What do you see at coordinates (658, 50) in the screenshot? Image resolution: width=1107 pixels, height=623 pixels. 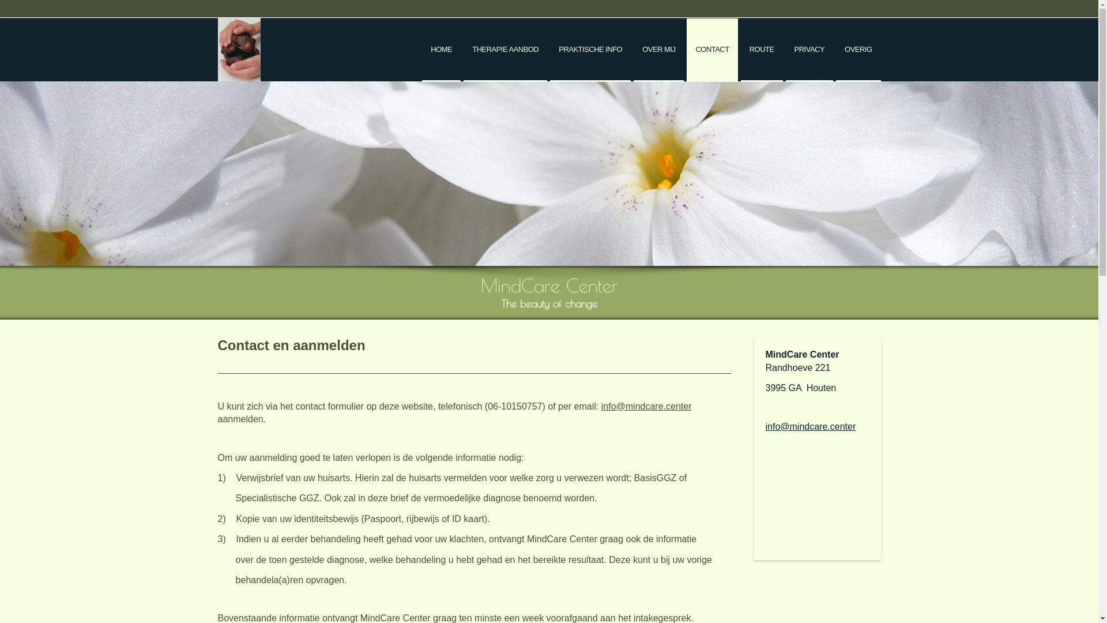 I see `'OVER MIJ'` at bounding box center [658, 50].